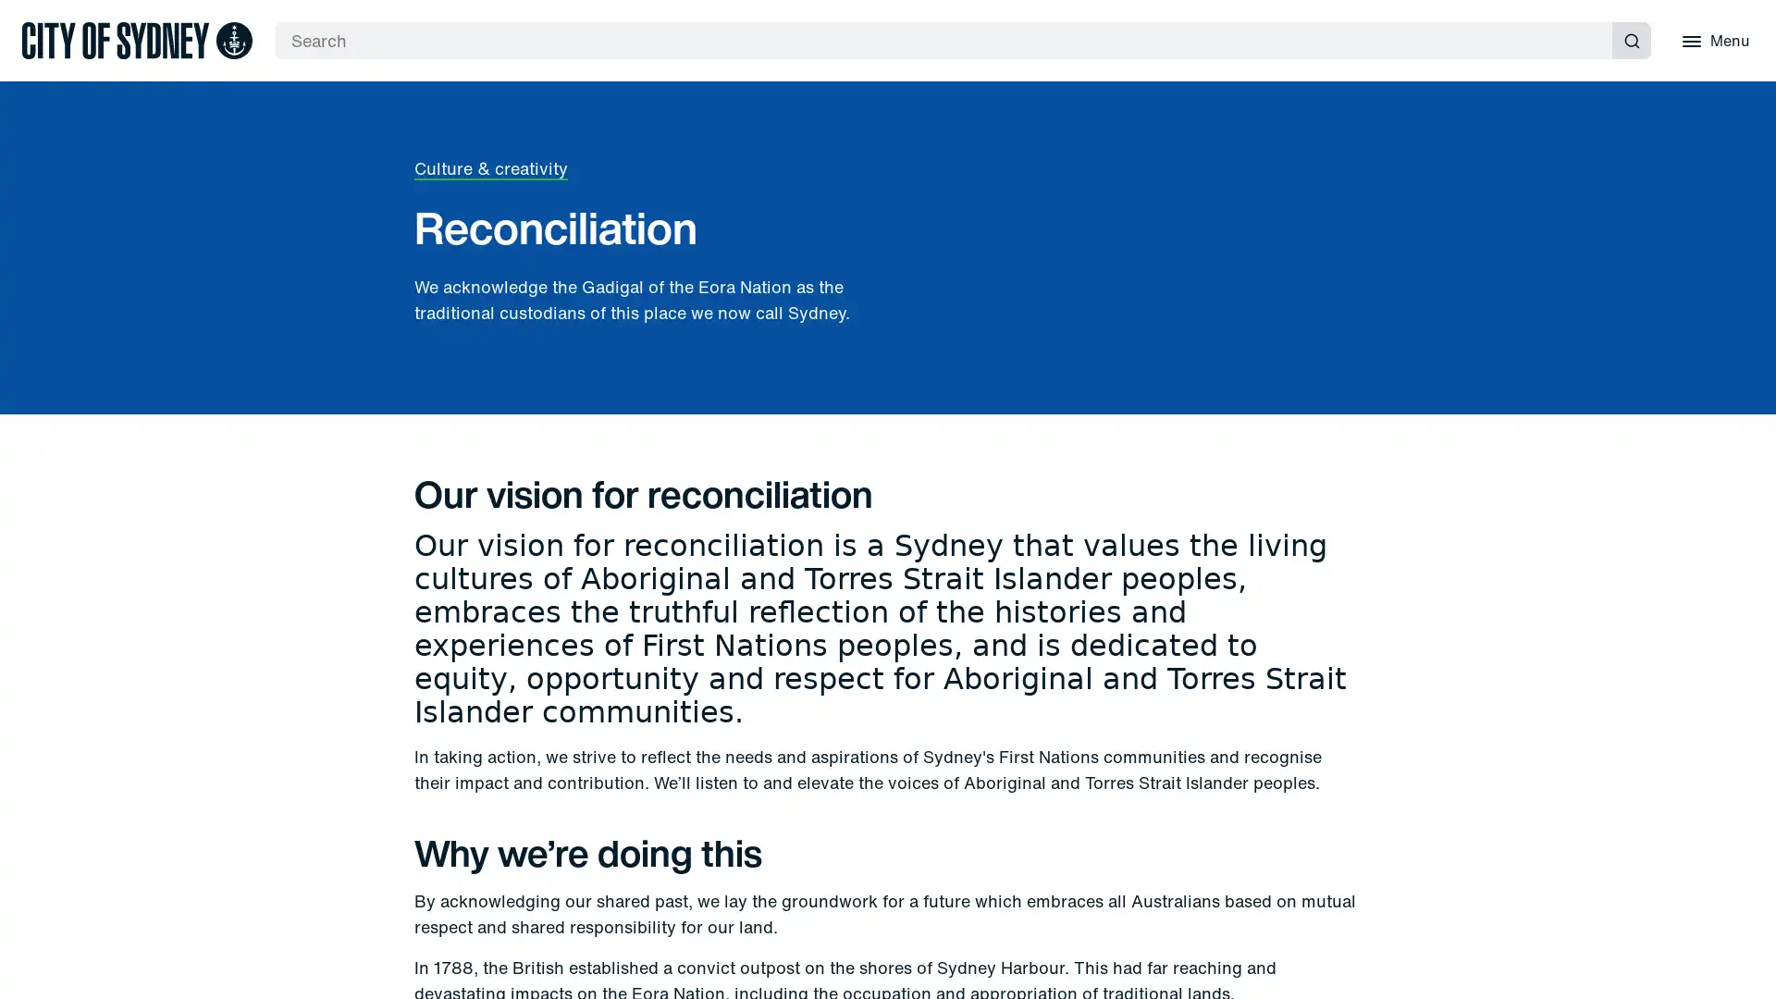  Describe the element at coordinates (1631, 40) in the screenshot. I see `Submit search` at that location.